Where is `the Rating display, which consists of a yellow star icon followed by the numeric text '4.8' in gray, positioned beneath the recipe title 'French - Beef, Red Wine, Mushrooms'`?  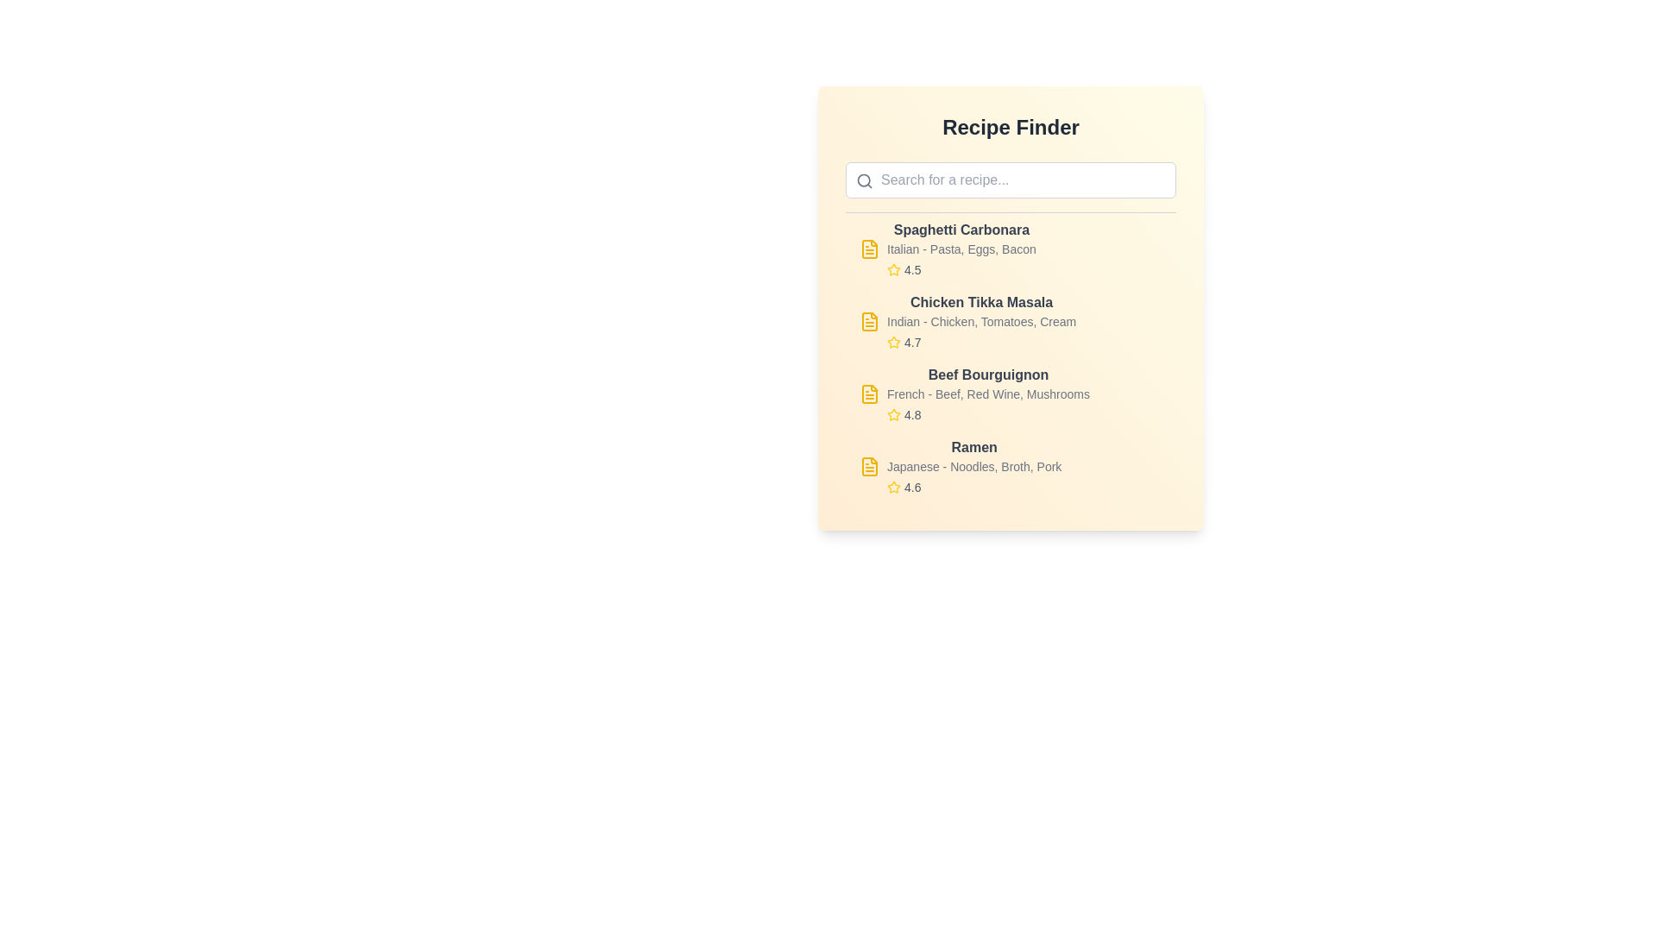 the Rating display, which consists of a yellow star icon followed by the numeric text '4.8' in gray, positioned beneath the recipe title 'French - Beef, Red Wine, Mushrooms' is located at coordinates (988, 415).